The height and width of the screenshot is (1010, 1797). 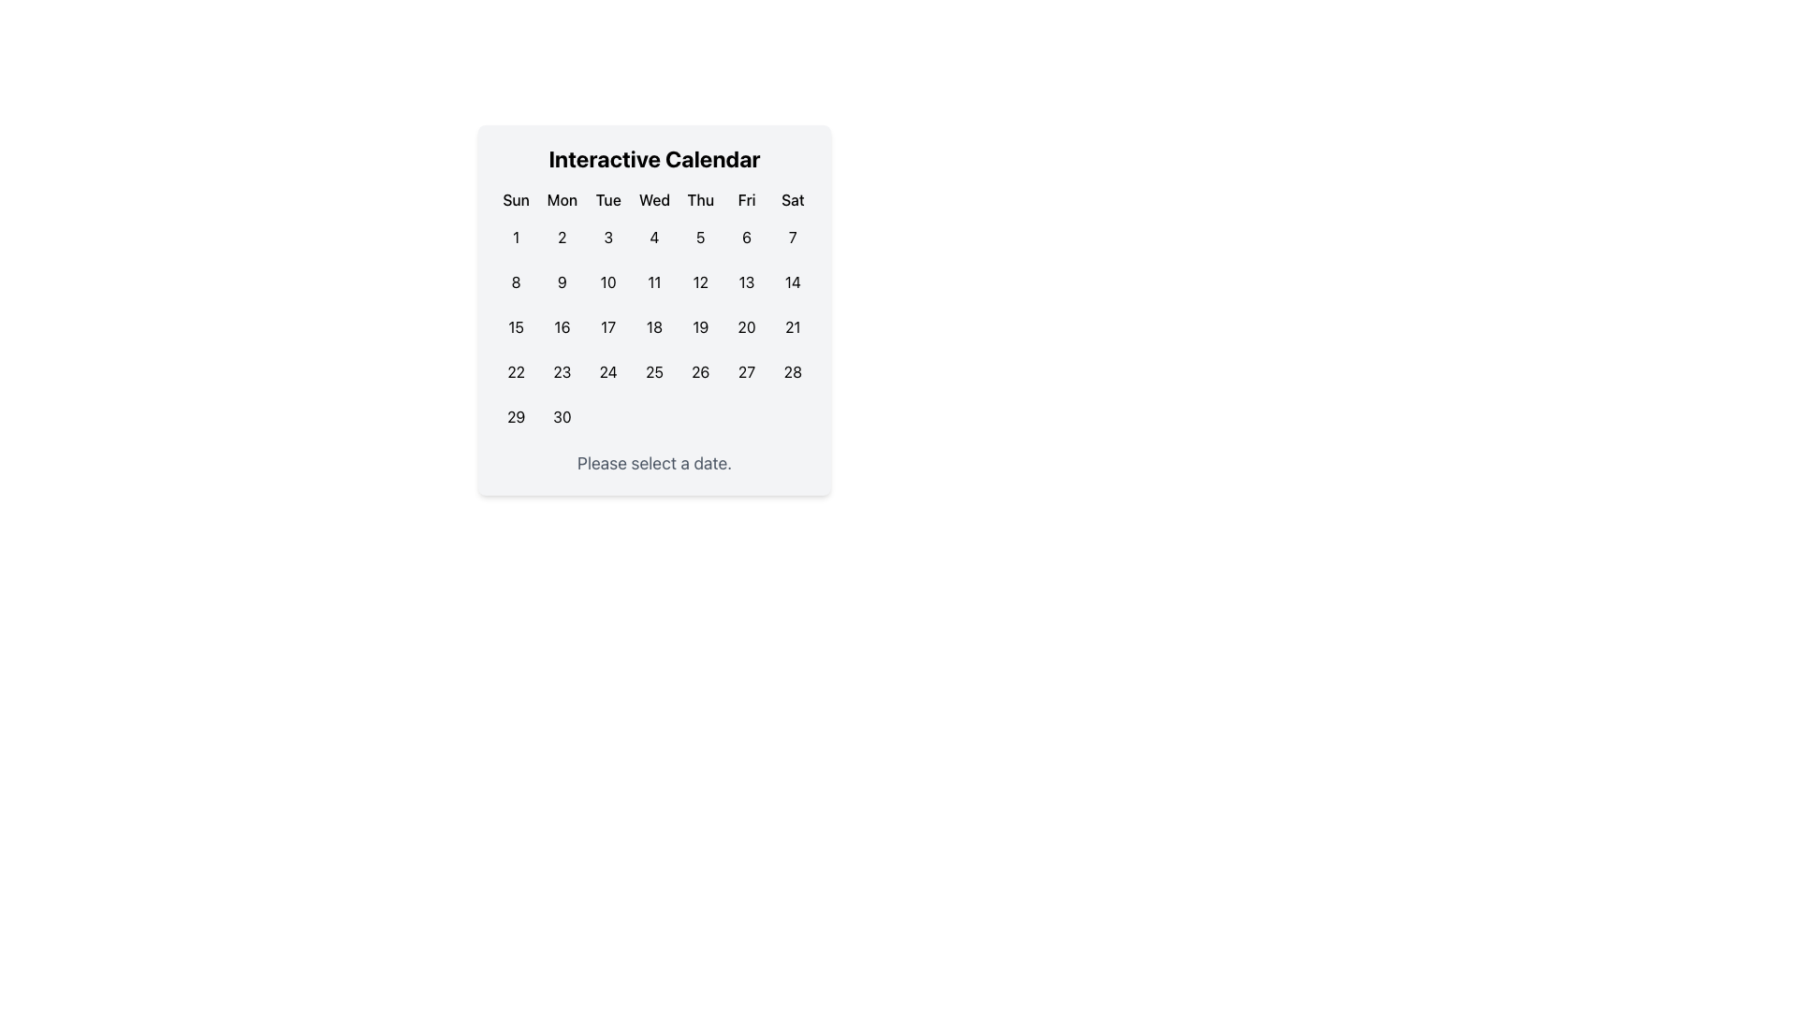 What do you see at coordinates (608, 326) in the screenshot?
I see `the Calendar Cell representing the 17th day in the monthly calendar` at bounding box center [608, 326].